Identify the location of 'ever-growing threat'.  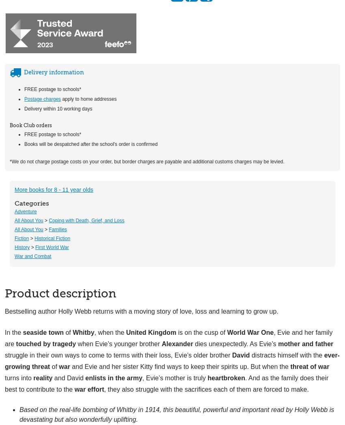
(172, 360).